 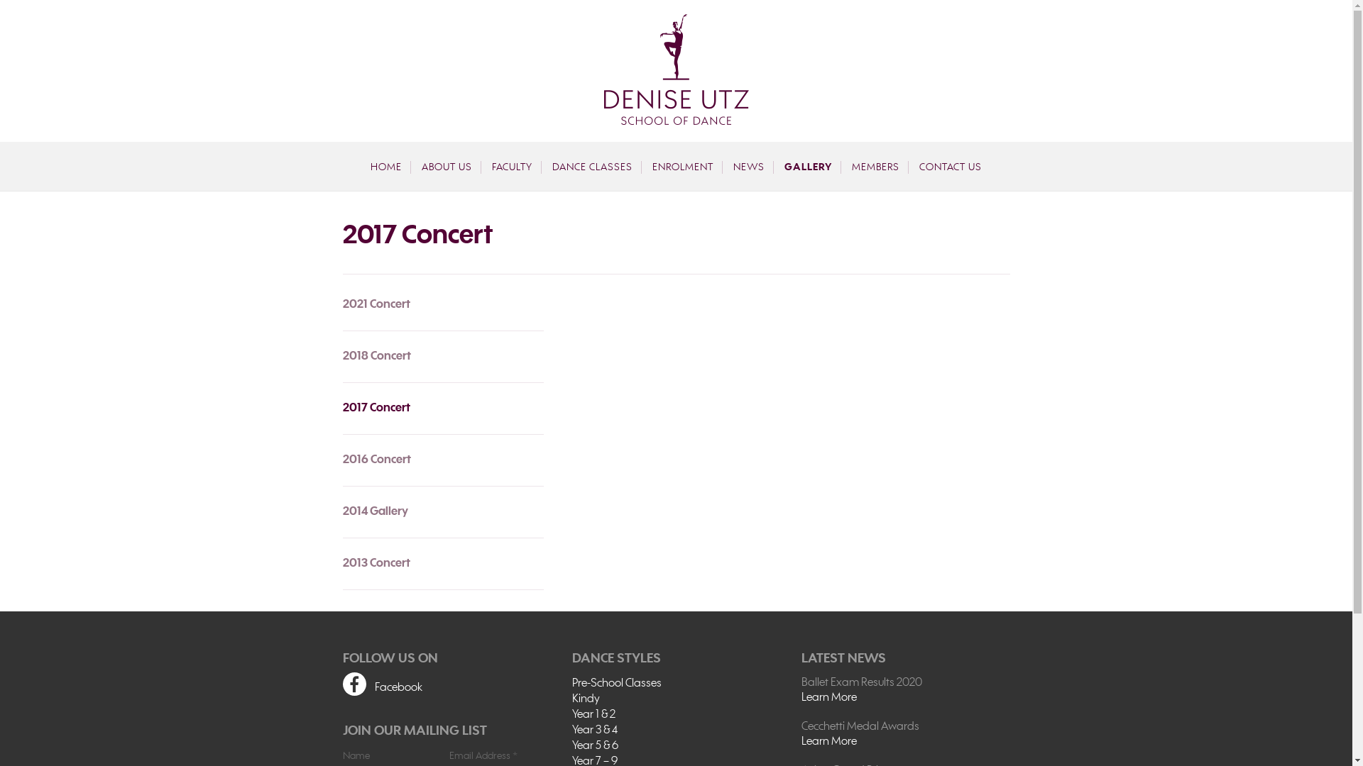 I want to click on 'Cecchetti Medal Awards', so click(x=904, y=727).